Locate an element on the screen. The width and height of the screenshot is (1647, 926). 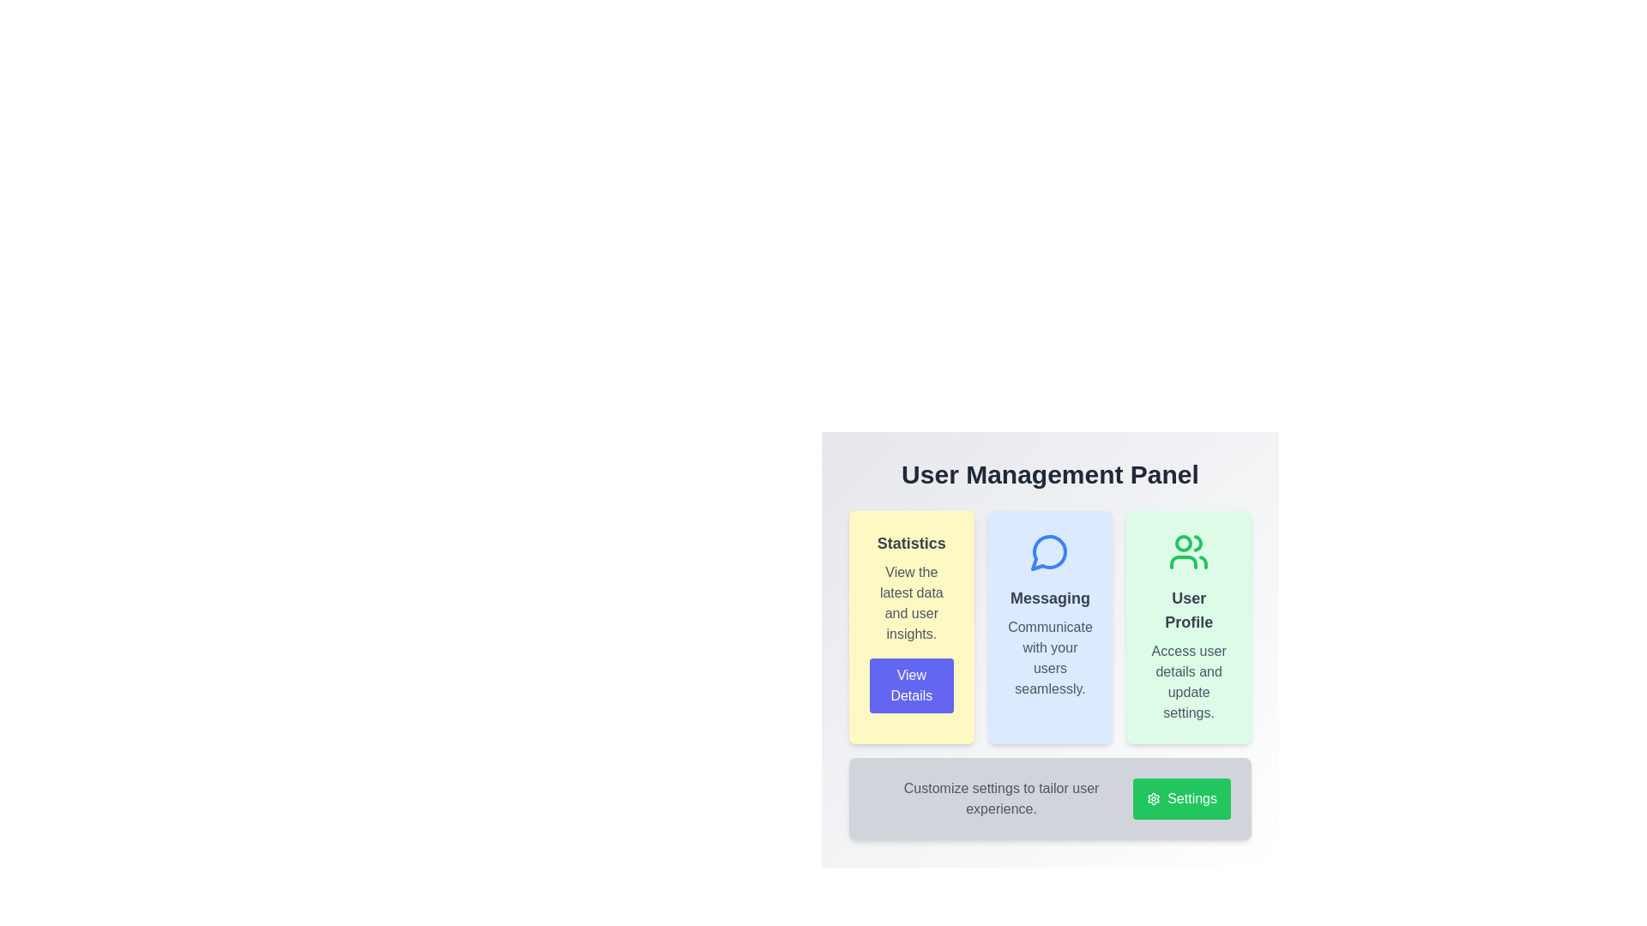
the green 'Settings' button using the keyboard for interaction is located at coordinates (1180, 799).